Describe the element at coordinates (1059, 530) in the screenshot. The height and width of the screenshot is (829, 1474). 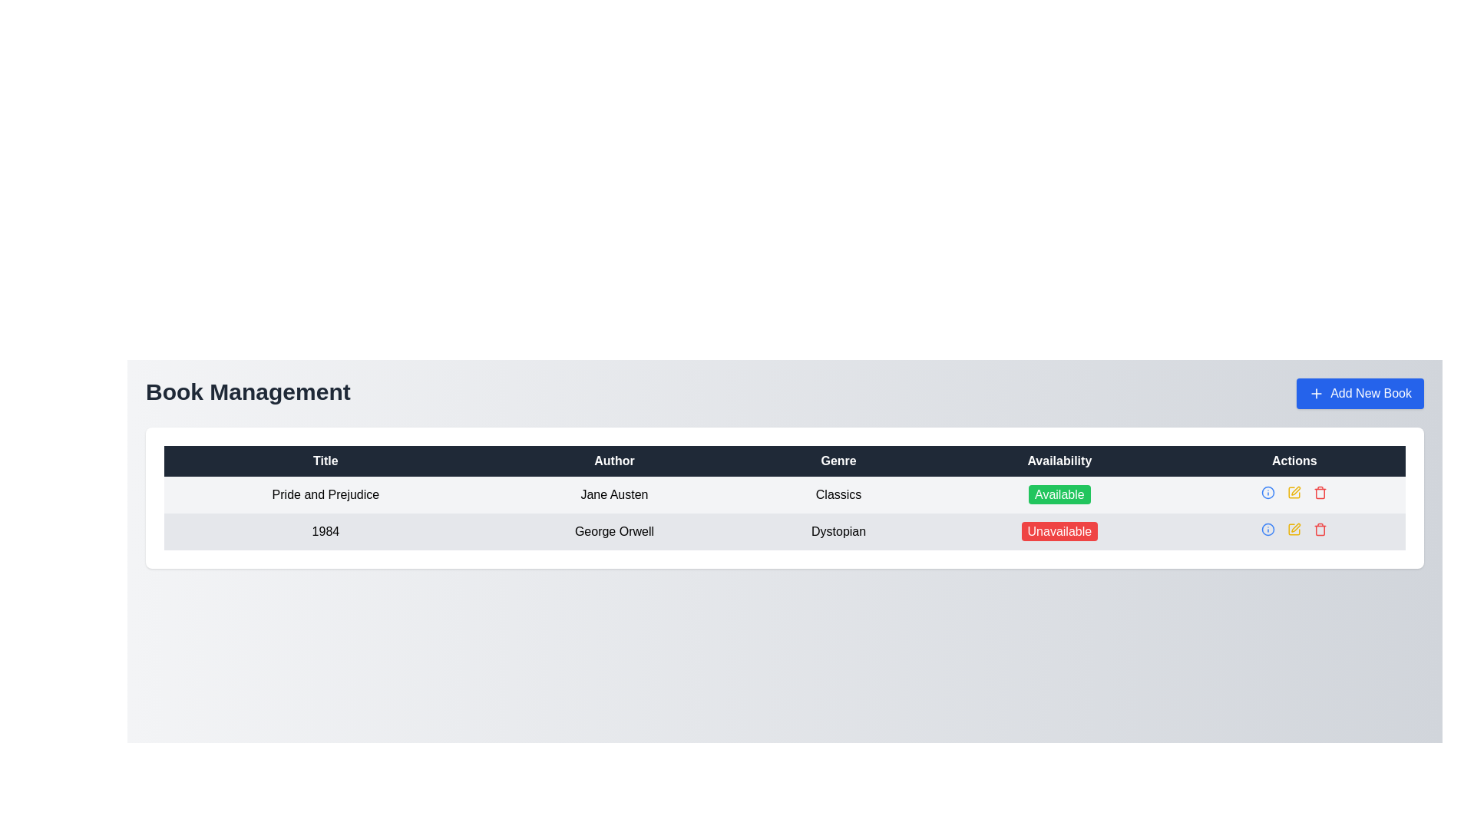
I see `the availability status label for the book '1984' in the second row of the table, indicating that it is not available` at that location.